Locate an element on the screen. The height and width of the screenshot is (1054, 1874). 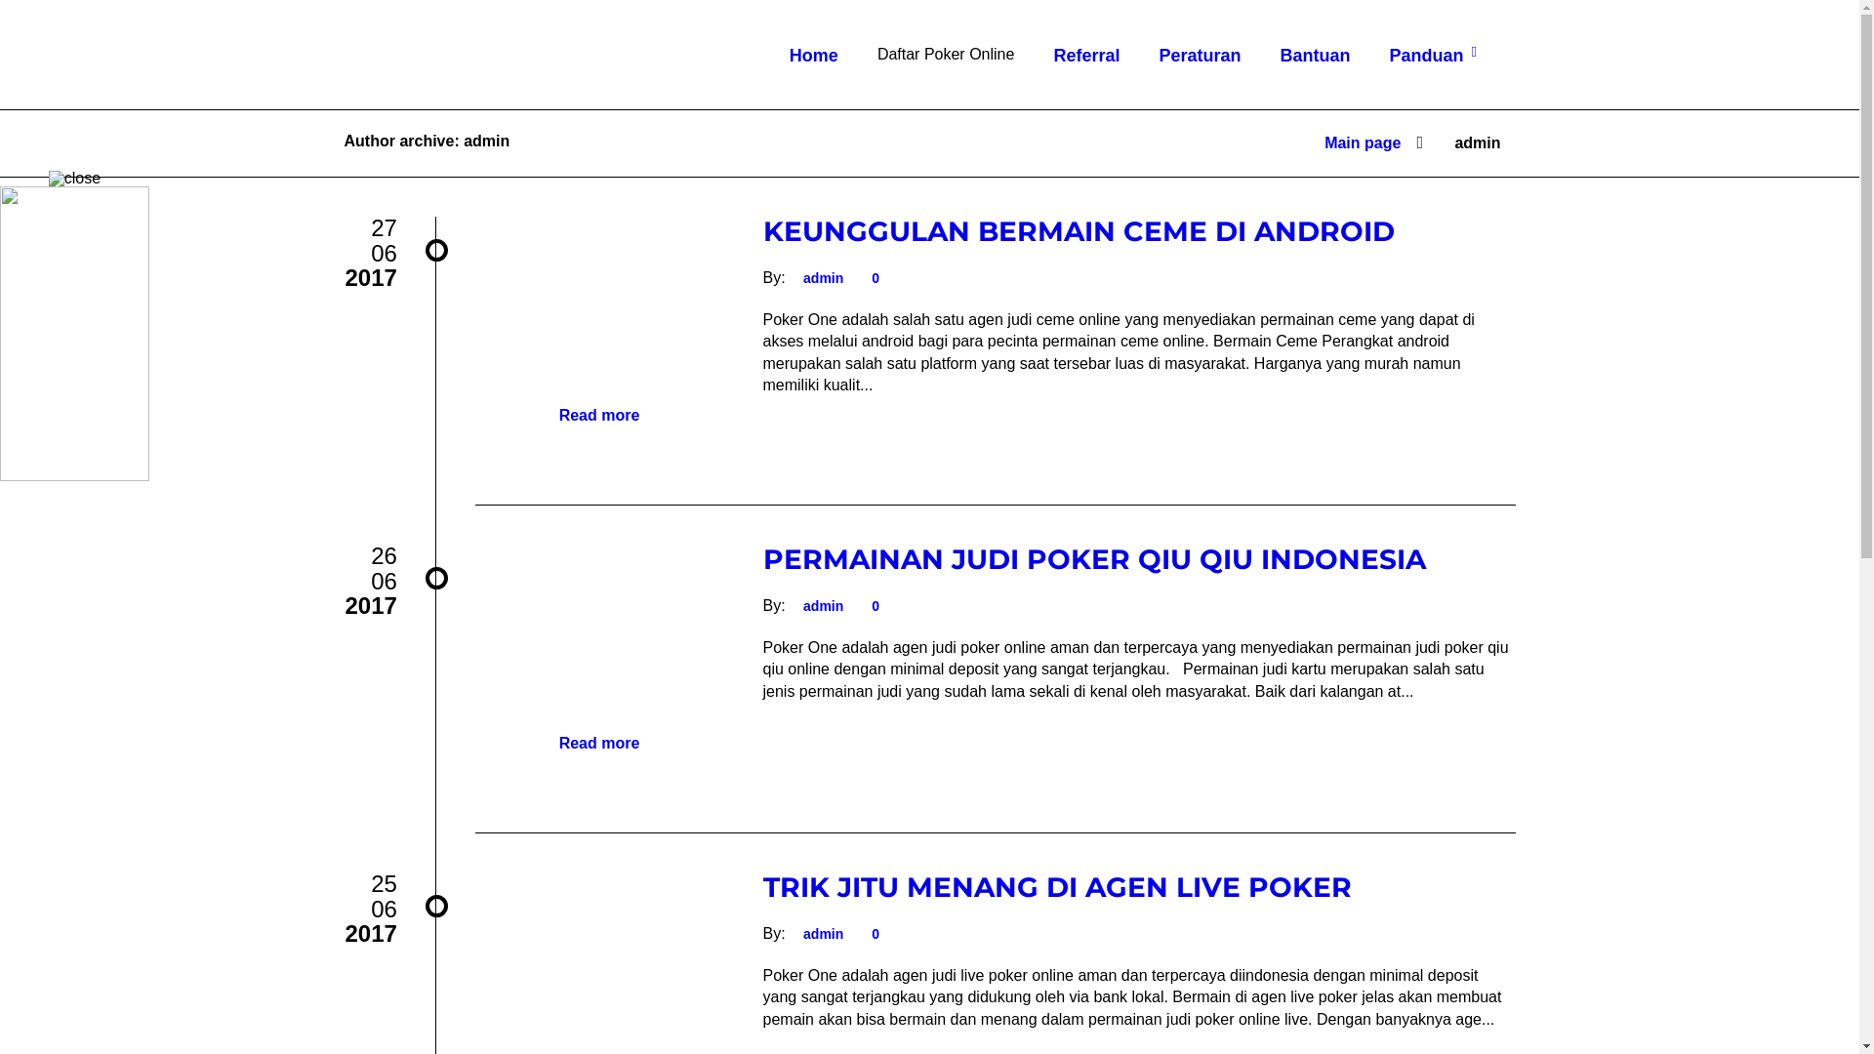
'0' is located at coordinates (872, 278).